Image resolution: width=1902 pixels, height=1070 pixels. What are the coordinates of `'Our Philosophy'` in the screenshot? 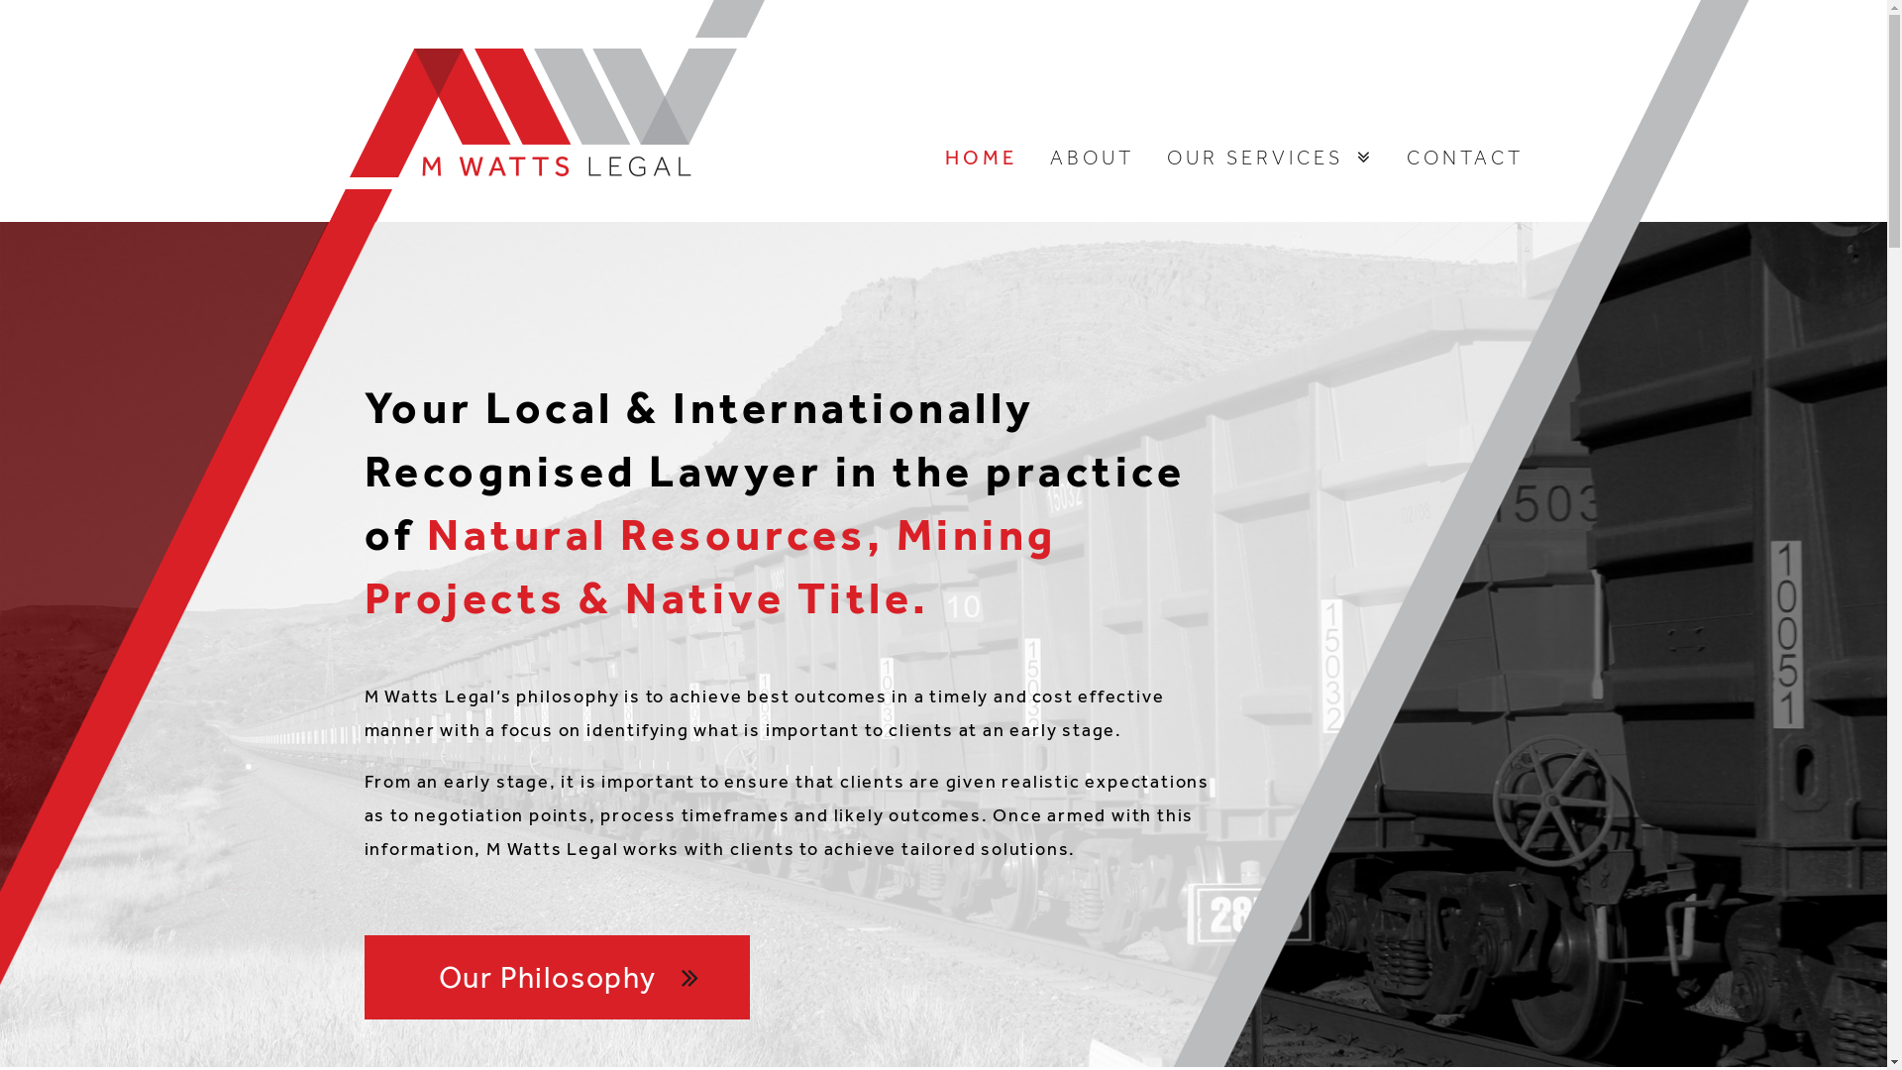 It's located at (556, 976).